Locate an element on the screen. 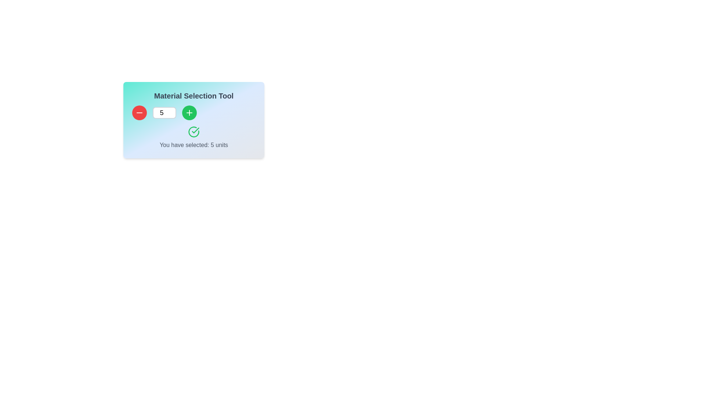  the numeric input box displaying the value '5', which is located centrally between a red minus button and a green plus button is located at coordinates (164, 113).